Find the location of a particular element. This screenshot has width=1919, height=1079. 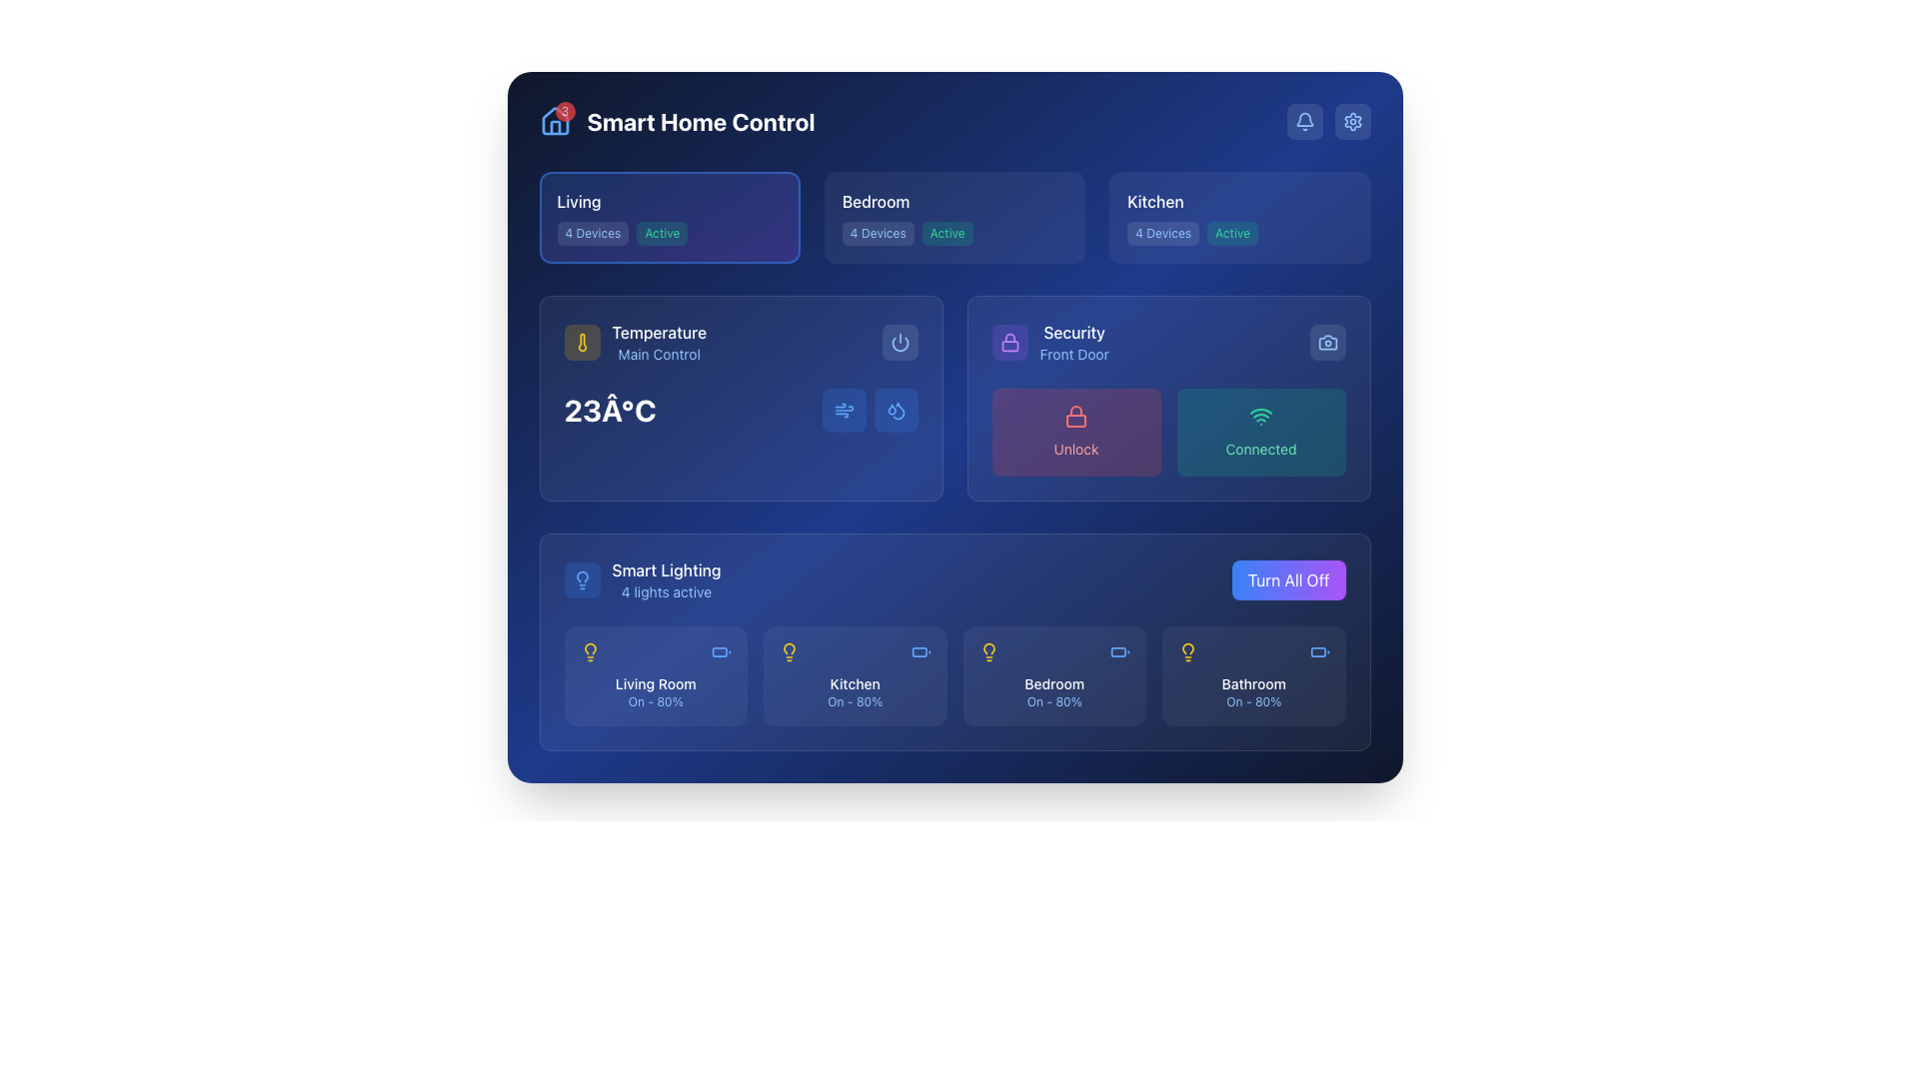

the prominent temperature display showing '23°C' in large, bold white text against a blue background, located in the left section of the 'Temperature Main Control' panel is located at coordinates (609, 410).